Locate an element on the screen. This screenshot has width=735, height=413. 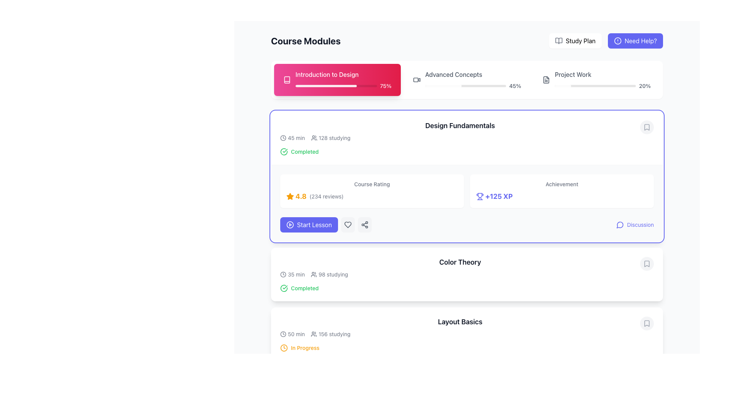
the open book icon, which is styled in a simplistic and modern outline design with a gray color, located near the 'Study Plan' button is located at coordinates (559, 41).